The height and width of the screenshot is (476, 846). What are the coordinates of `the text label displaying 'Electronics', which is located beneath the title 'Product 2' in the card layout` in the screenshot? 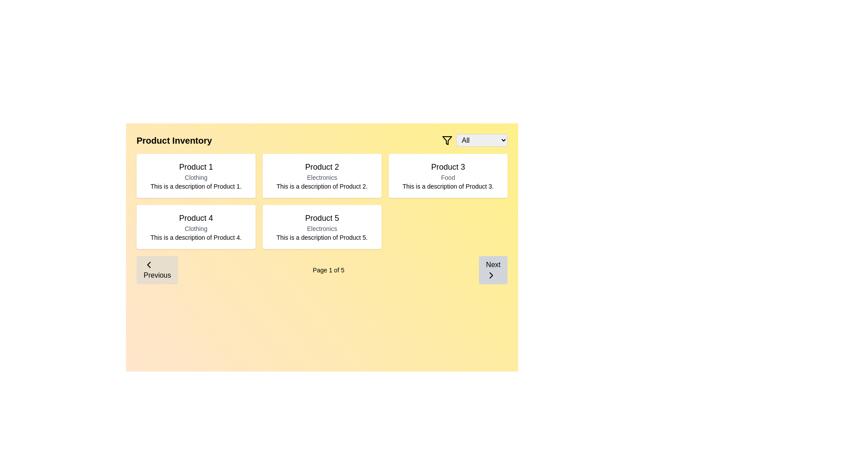 It's located at (321, 177).